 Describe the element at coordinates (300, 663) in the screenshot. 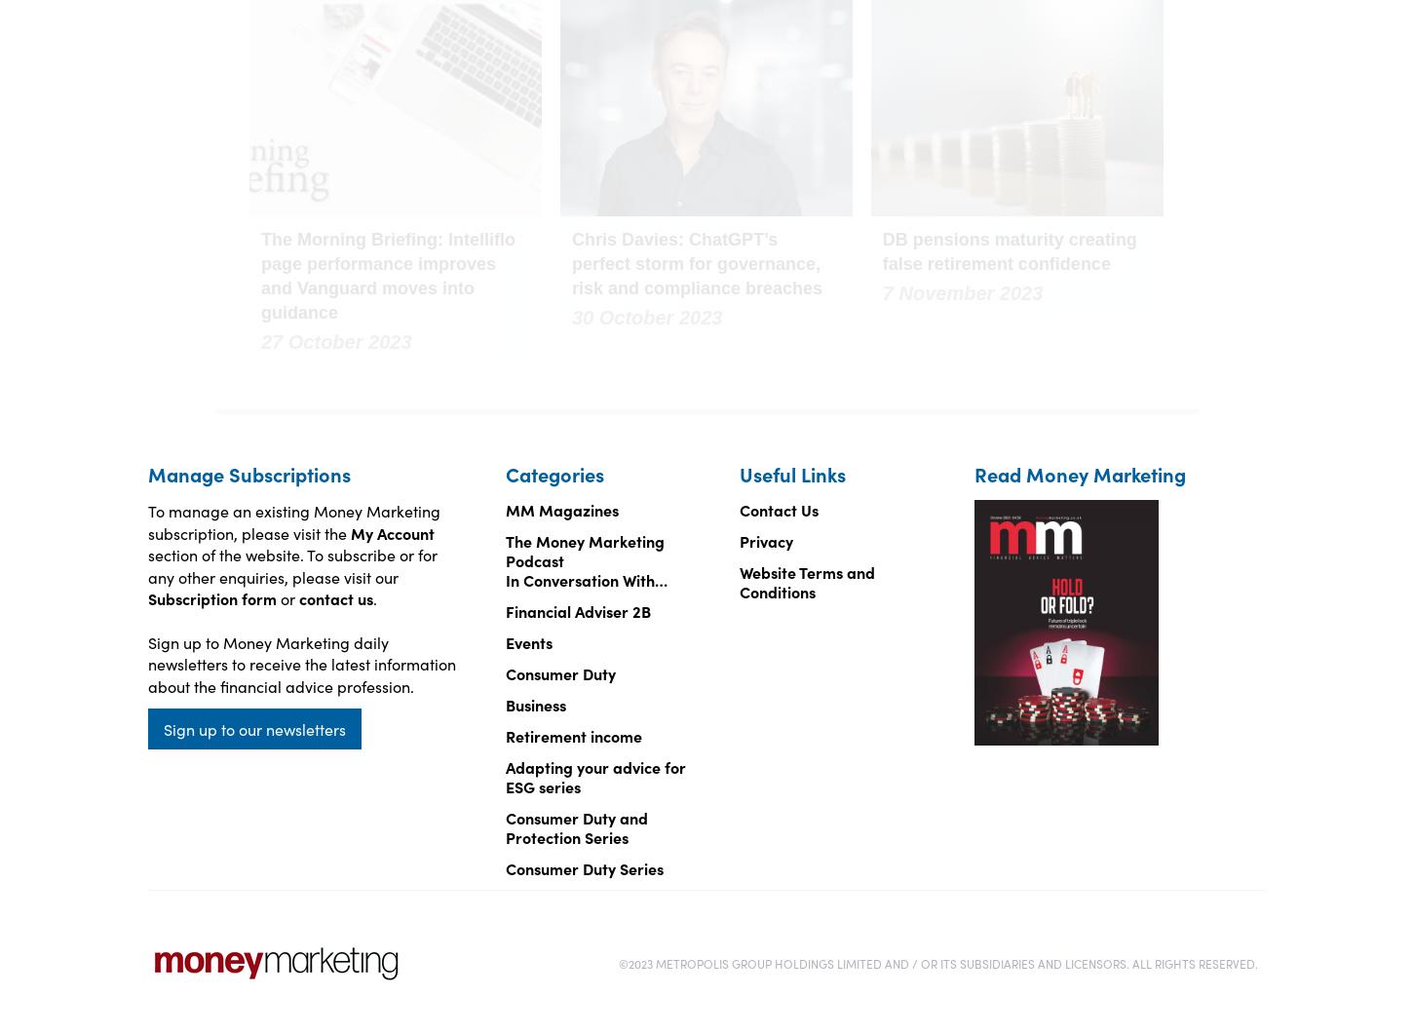

I see `'Sign up to Money Marketing daily newsletters to receive the latest information about the financial advice profession.'` at that location.